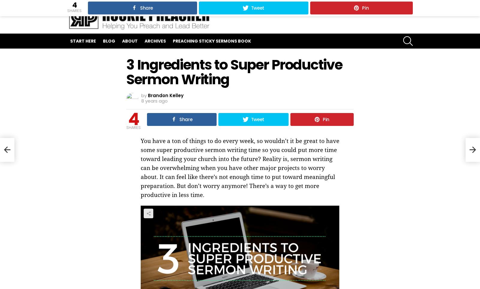 The height and width of the screenshot is (289, 480). What do you see at coordinates (133, 127) in the screenshot?
I see `'SHARES'` at bounding box center [133, 127].